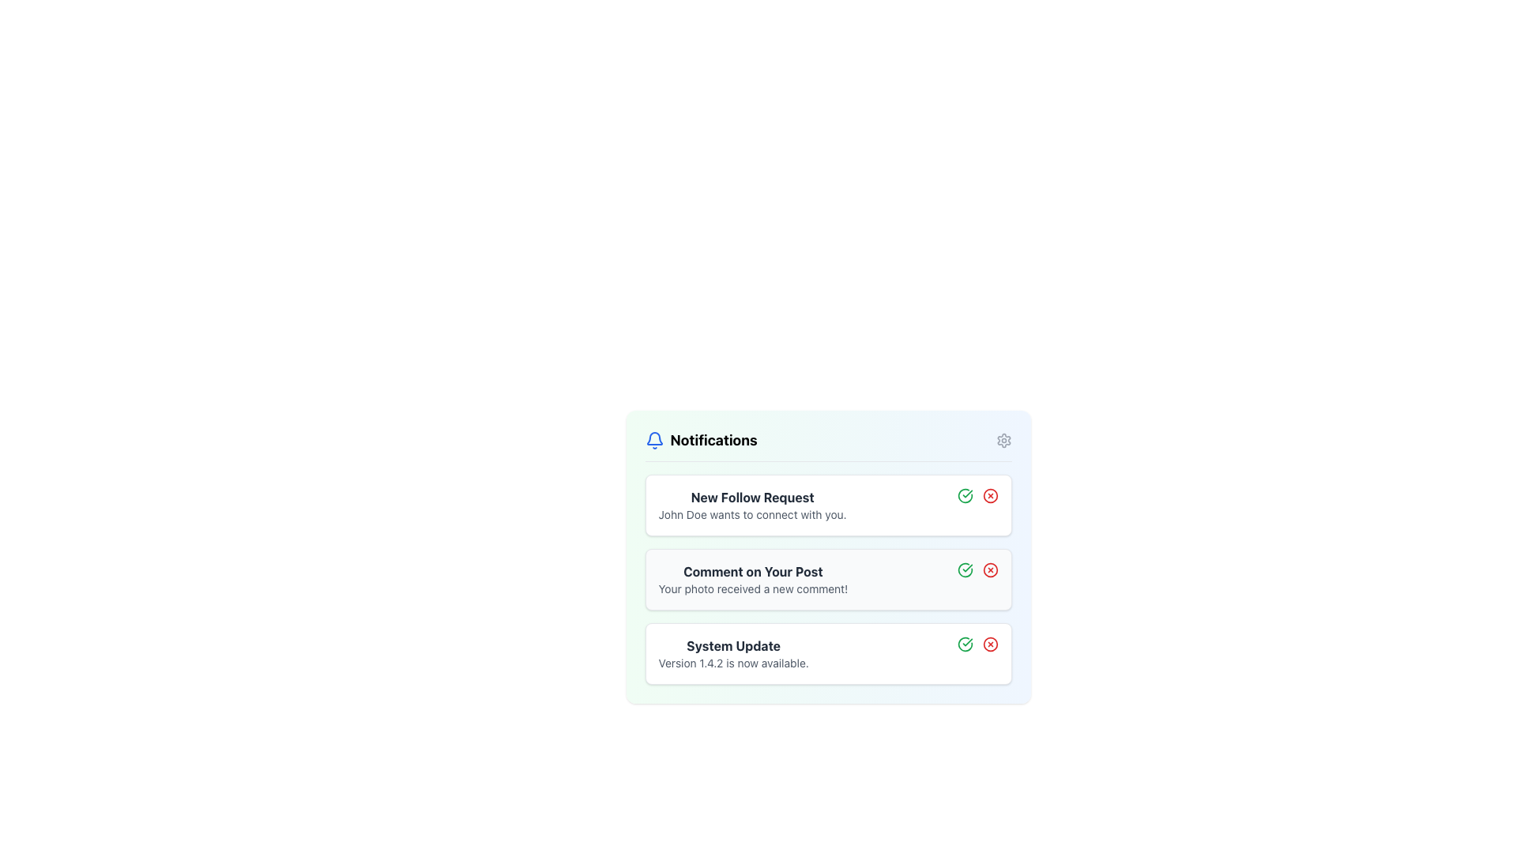  What do you see at coordinates (964, 495) in the screenshot?
I see `the graphical component within the SVG icon located in the notification card titled 'New Follow Request', positioned to the right of the text content` at bounding box center [964, 495].